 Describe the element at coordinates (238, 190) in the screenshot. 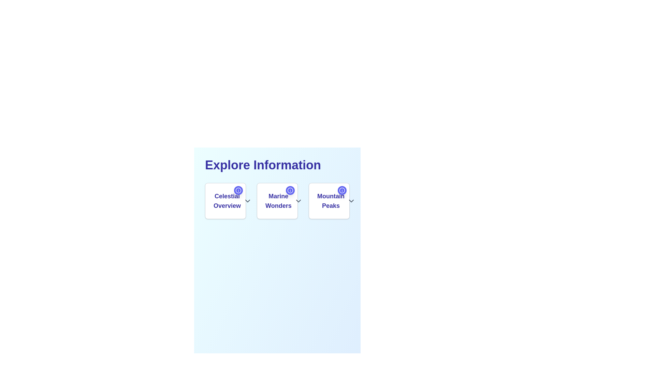

I see `the information icon located at the top-right corner of the 'Celestial Overview' card` at that location.